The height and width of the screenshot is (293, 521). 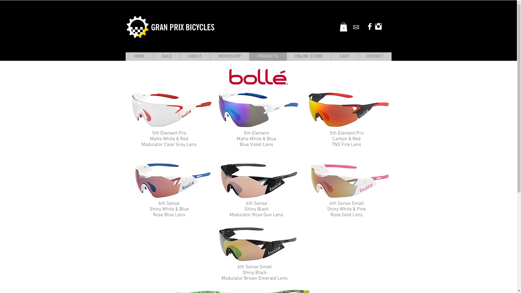 What do you see at coordinates (229, 56) in the screenshot?
I see `'WORKSHOP'` at bounding box center [229, 56].